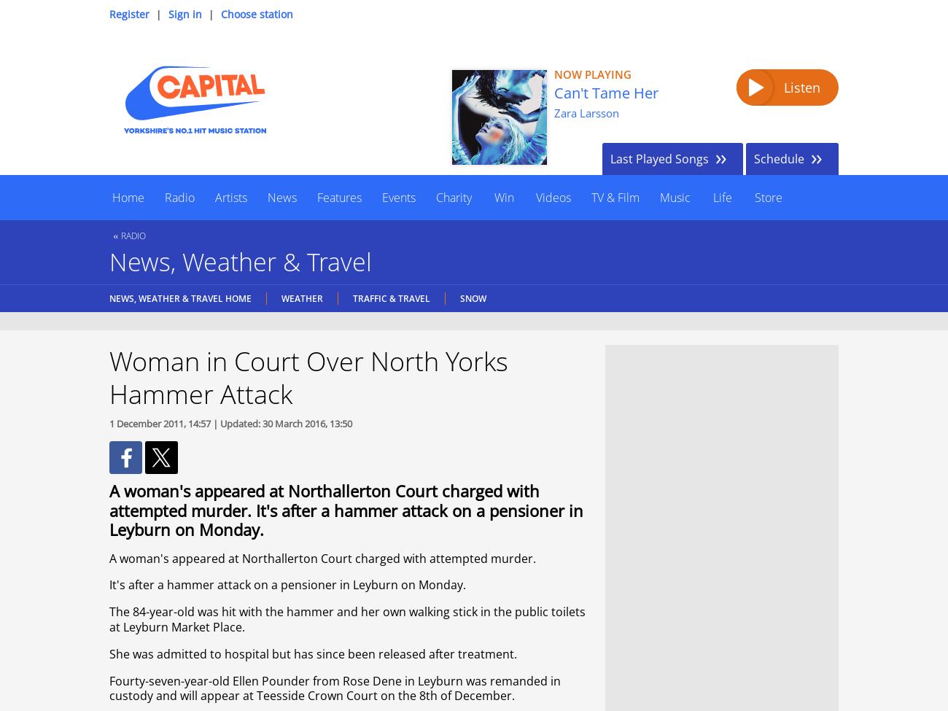 This screenshot has height=711, width=948. I want to click on 'Zara Larsson', so click(586, 112).